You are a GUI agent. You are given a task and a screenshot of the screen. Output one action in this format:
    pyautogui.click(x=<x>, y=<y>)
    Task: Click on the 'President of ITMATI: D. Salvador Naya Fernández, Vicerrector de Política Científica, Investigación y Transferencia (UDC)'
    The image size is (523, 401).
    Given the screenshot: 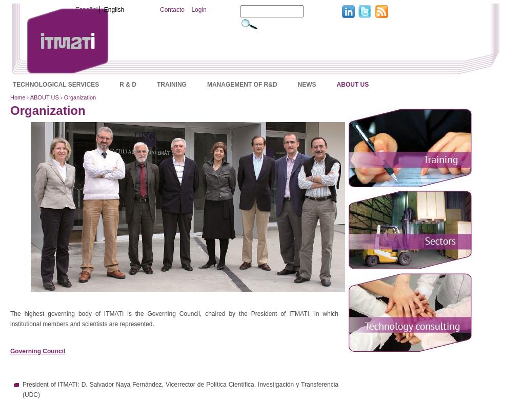 What is the action you would take?
    pyautogui.click(x=180, y=389)
    